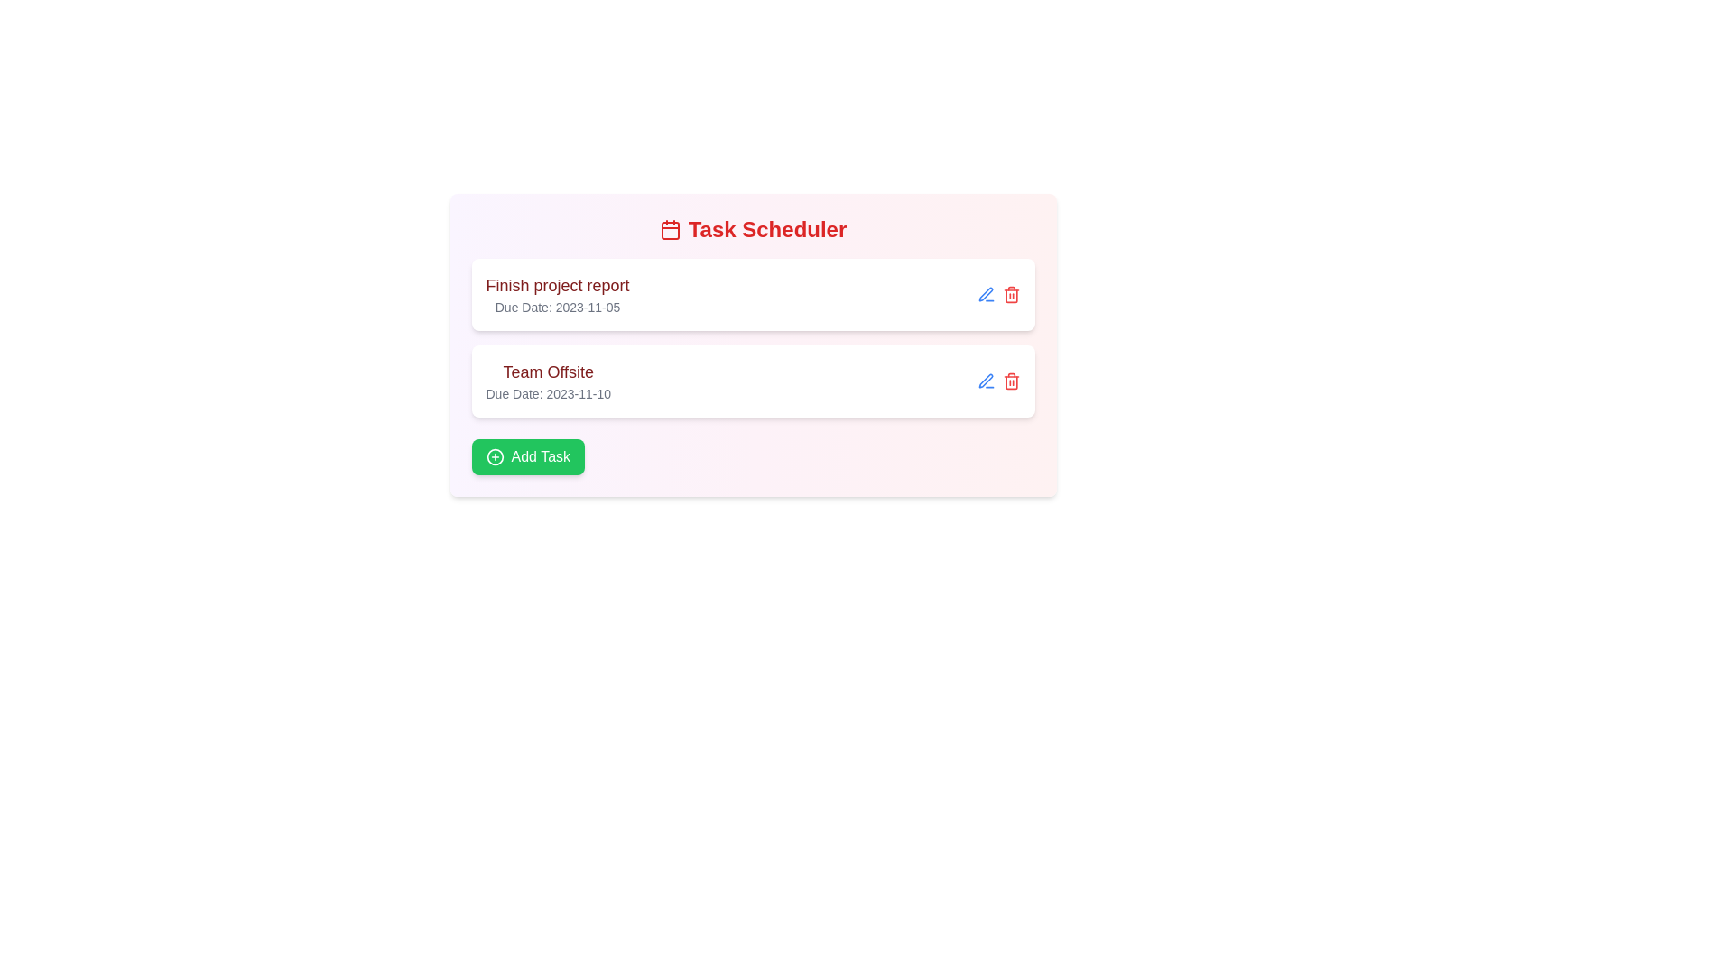  What do you see at coordinates (985, 381) in the screenshot?
I see `the edit icon for the task labeled 'Team Offsite'` at bounding box center [985, 381].